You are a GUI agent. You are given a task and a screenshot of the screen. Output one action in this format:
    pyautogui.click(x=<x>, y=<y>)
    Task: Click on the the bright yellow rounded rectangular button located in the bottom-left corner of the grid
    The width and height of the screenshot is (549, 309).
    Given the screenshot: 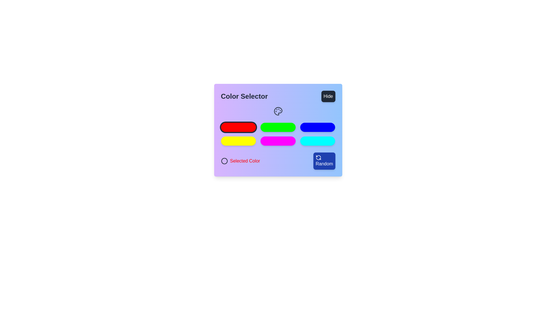 What is the action you would take?
    pyautogui.click(x=238, y=141)
    